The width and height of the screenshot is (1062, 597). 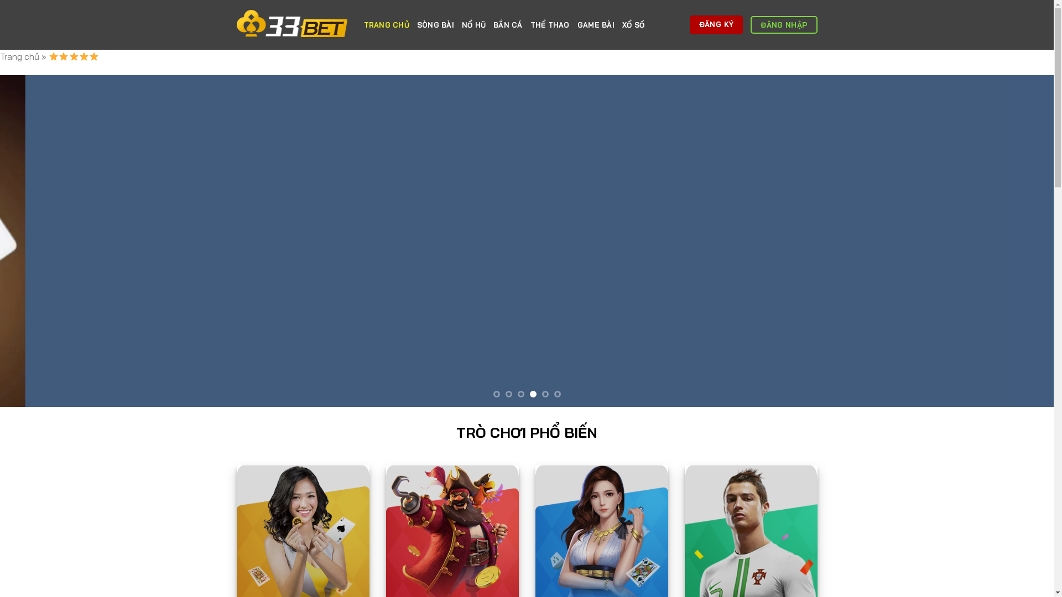 I want to click on '33BET', so click(x=292, y=24).